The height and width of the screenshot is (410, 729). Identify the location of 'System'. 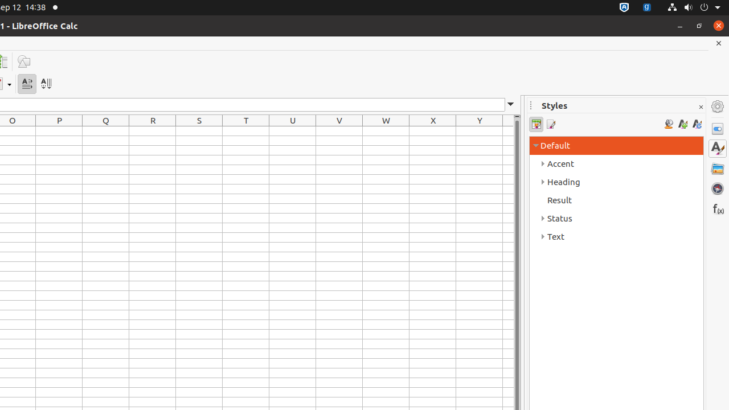
(693, 7).